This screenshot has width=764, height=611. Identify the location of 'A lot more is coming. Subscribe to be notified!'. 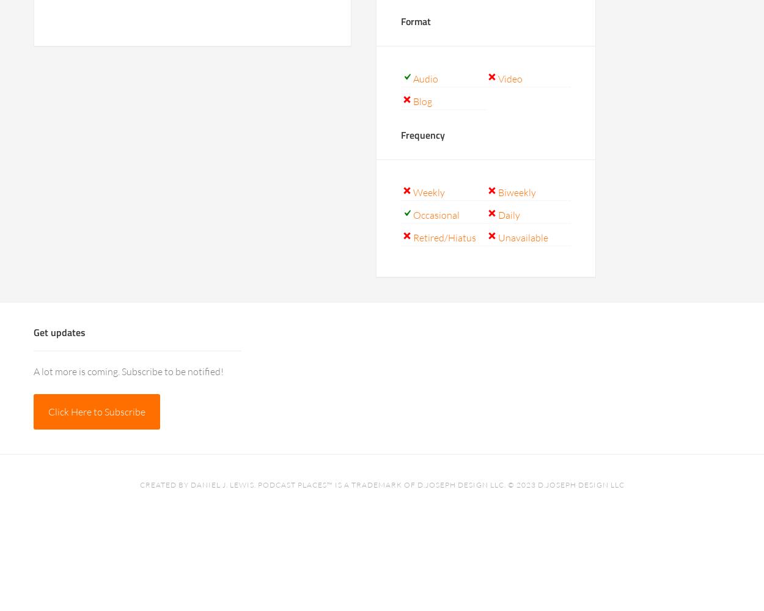
(128, 371).